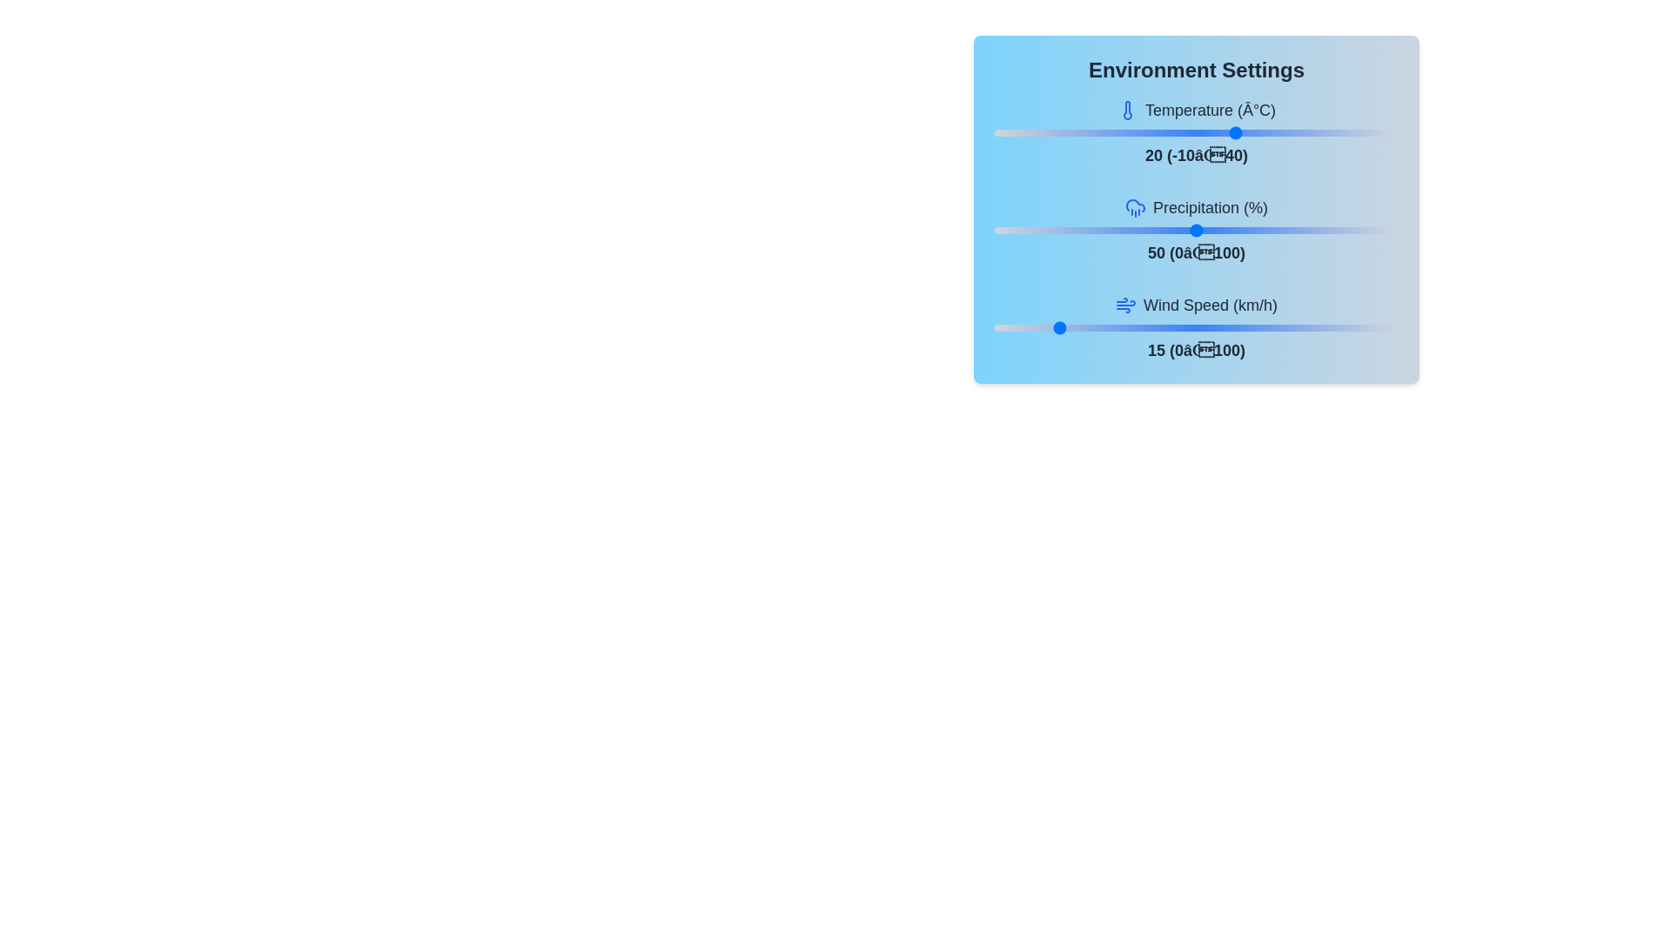 The image size is (1671, 940). Describe the element at coordinates (1195, 230) in the screenshot. I see `the range slider for adjusting the precipitation percentage, located centrally within the 'Environment Settings' card, below 'Precipitation (%)' and above '50 (0–100)'` at that location.